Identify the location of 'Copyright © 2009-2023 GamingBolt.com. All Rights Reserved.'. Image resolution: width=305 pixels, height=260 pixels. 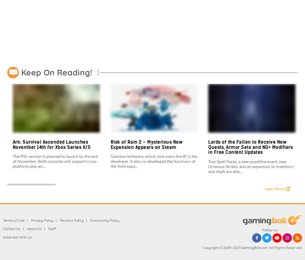
(252, 247).